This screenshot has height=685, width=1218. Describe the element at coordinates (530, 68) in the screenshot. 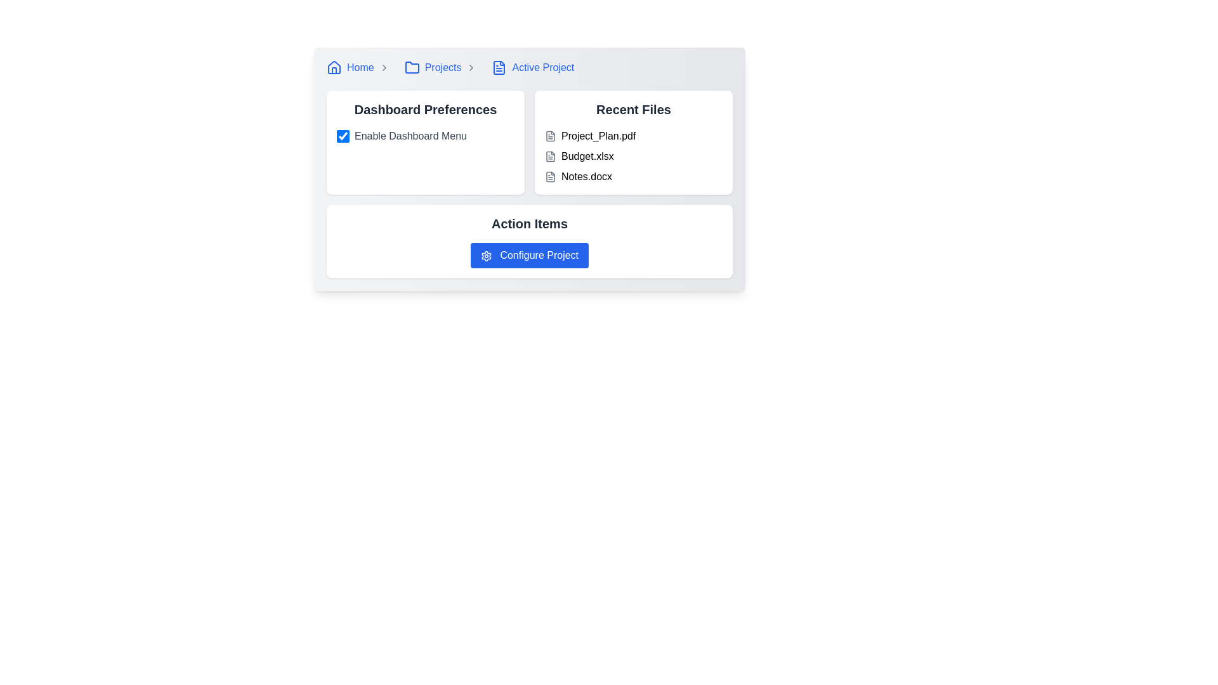

I see `the 'Active Project' step of the Breadcrumb Navigation Bar` at that location.